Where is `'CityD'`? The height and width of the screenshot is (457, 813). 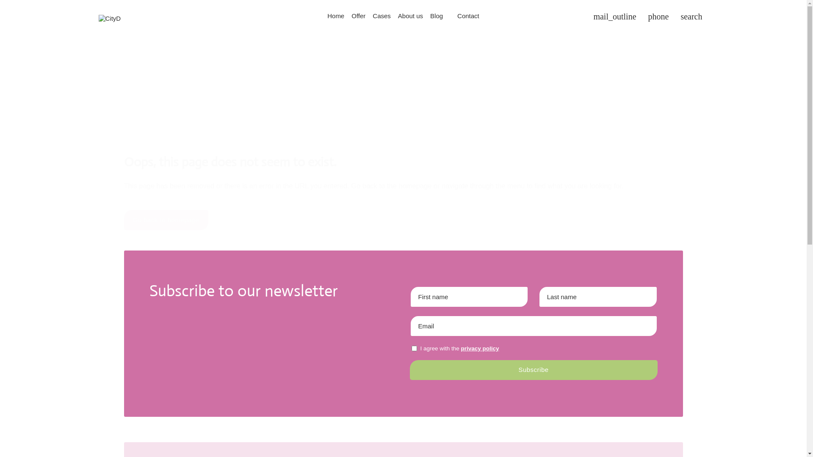
'CityD' is located at coordinates (109, 18).